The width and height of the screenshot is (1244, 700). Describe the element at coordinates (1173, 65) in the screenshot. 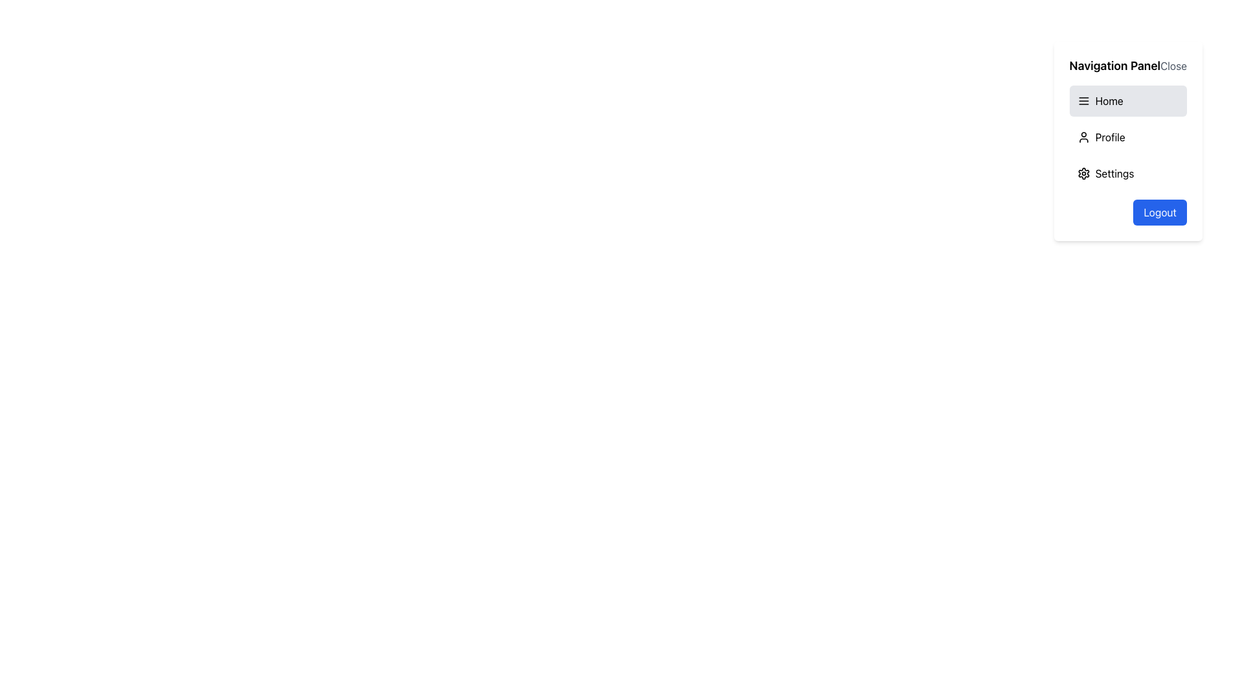

I see `the close button located at the top-right of the 'Navigation Panel'` at that location.